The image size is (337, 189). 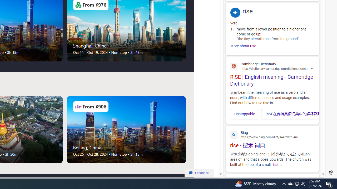 I want to click on 'pronounce', so click(x=235, y=12).